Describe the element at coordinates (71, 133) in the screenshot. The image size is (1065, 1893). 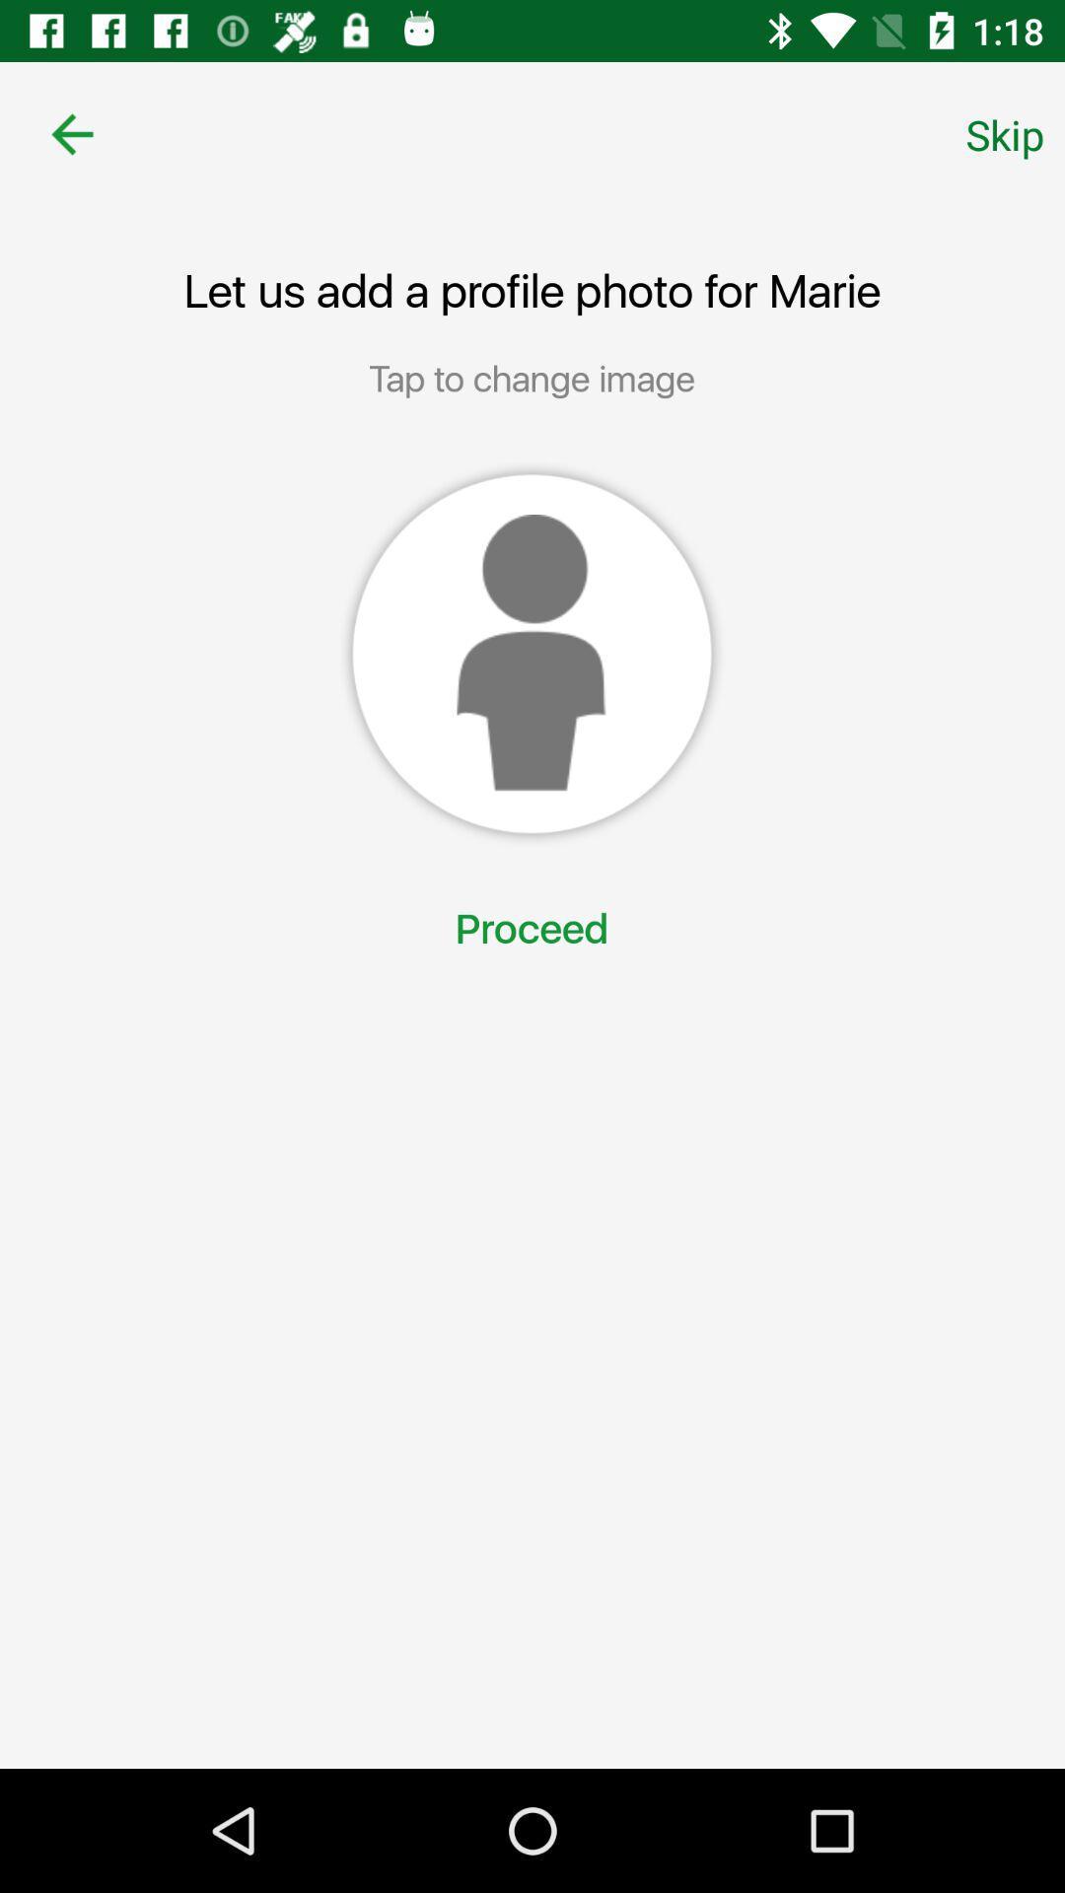
I see `the item next to the skip item` at that location.